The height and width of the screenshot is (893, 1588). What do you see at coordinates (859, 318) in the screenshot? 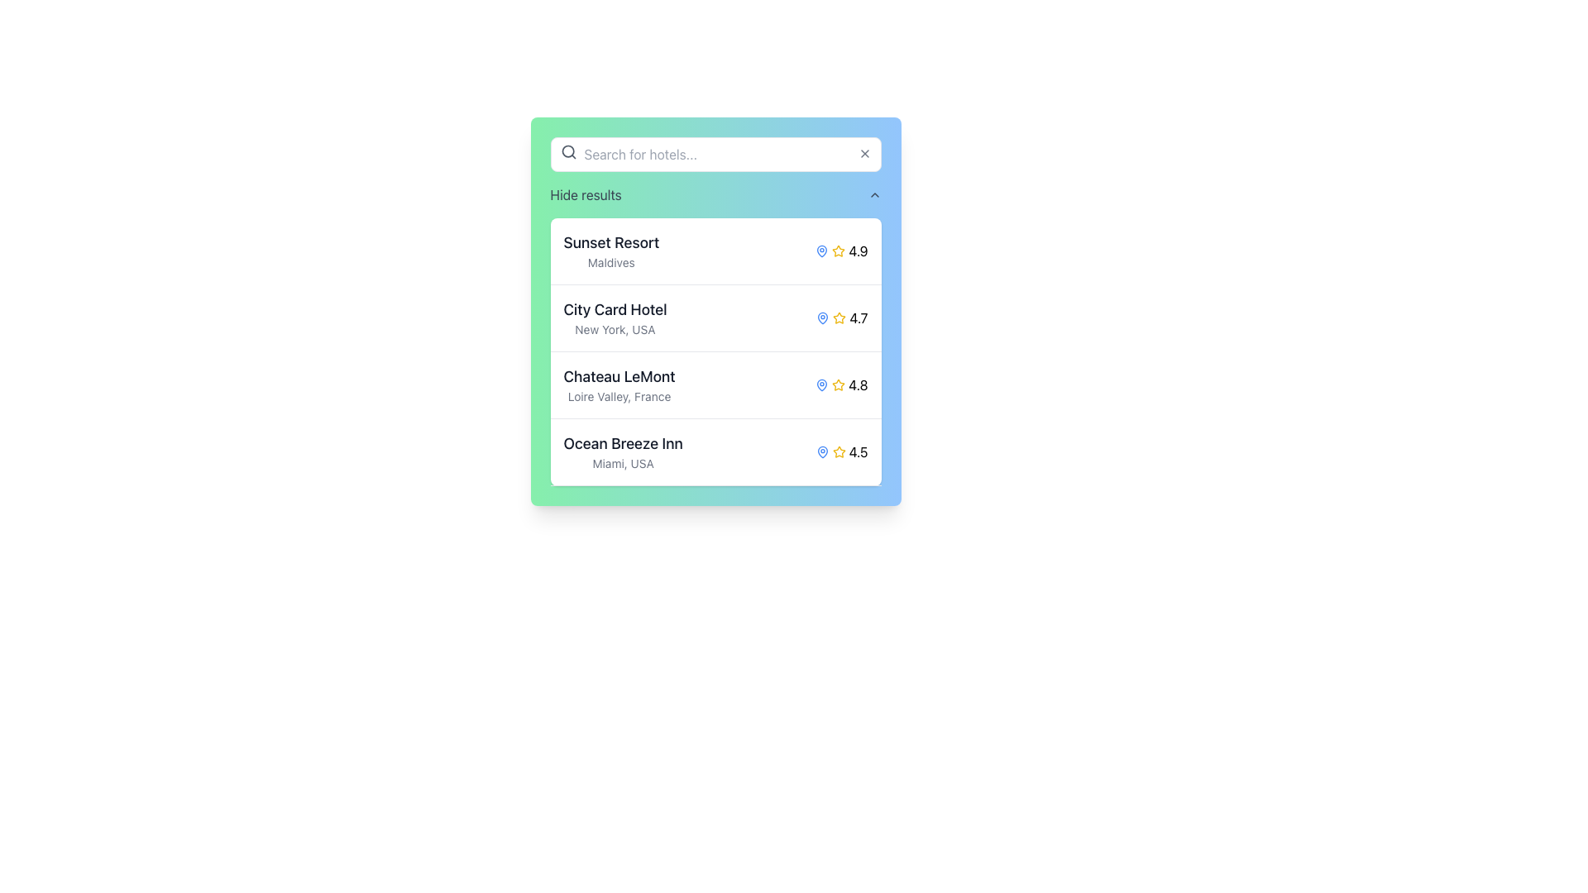
I see `numeric label displaying the text '4.7' which is styled in a bold, black sans-serif typeface, located in the second row of the hotel listing next to the yellow star icon` at bounding box center [859, 318].